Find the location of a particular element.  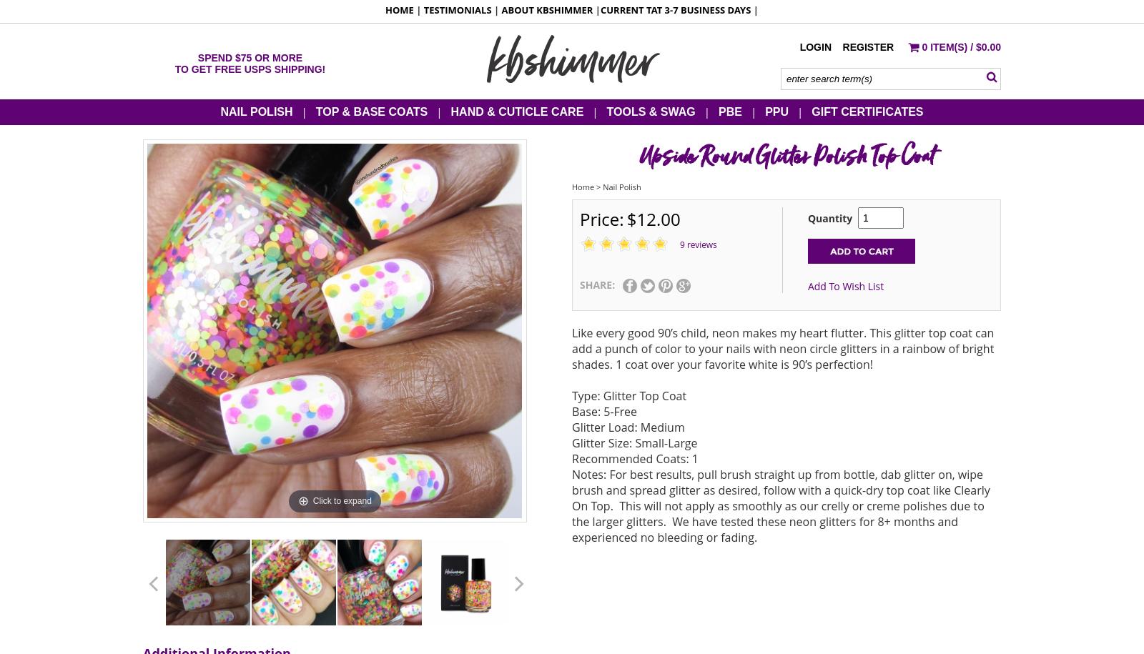

'to get free USPS shipping!' is located at coordinates (250, 68).